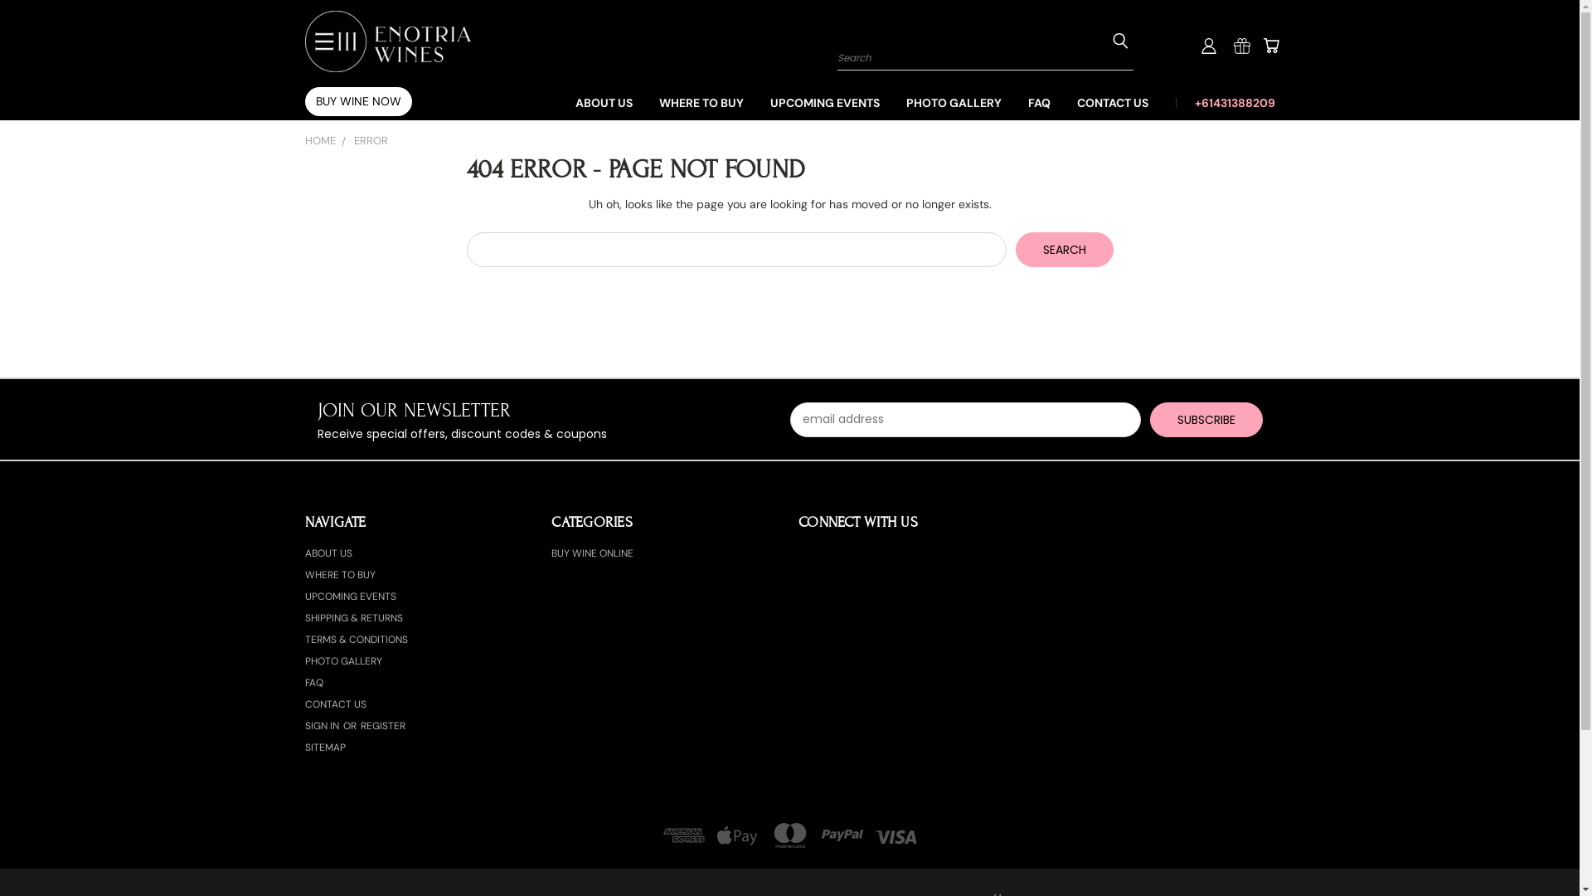 Image resolution: width=1592 pixels, height=896 pixels. I want to click on 'Gift Certificates', so click(1234, 44).